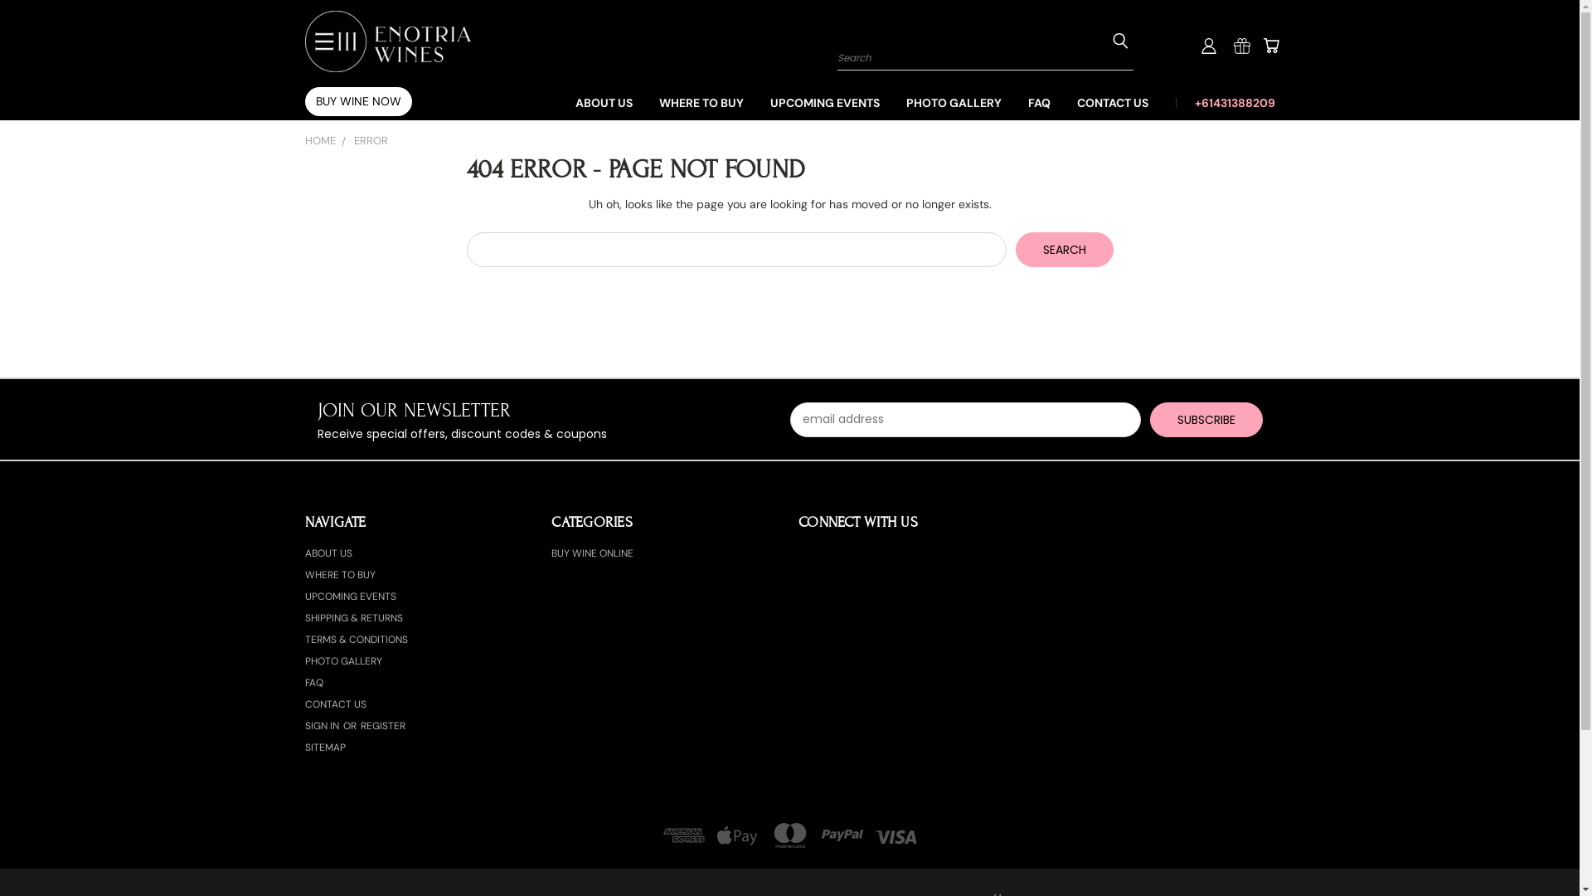 Image resolution: width=1592 pixels, height=896 pixels. I want to click on 'Gift Certificates', so click(1234, 44).